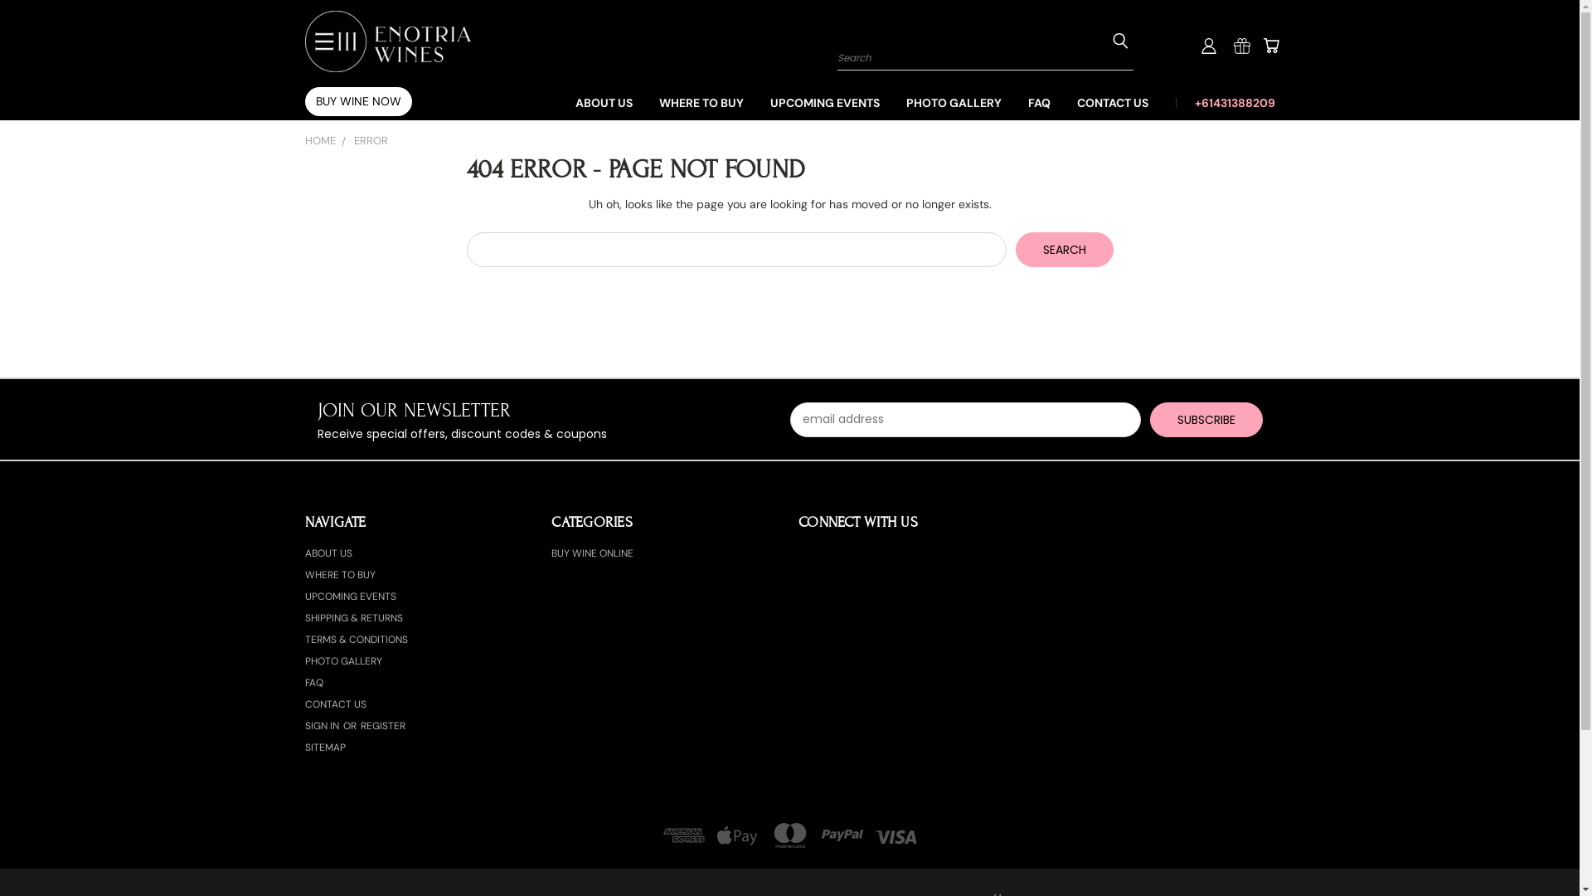 Image resolution: width=1592 pixels, height=896 pixels. I want to click on 'Gift Certificates', so click(1234, 44).